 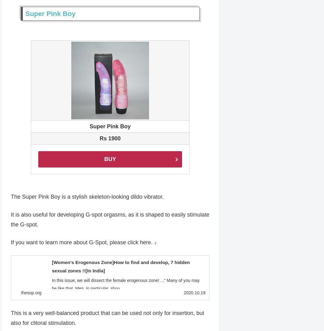 What do you see at coordinates (10, 197) in the screenshot?
I see `'The Super Pink Boy is a stylish skeleton-looking dildo vibrator.'` at bounding box center [10, 197].